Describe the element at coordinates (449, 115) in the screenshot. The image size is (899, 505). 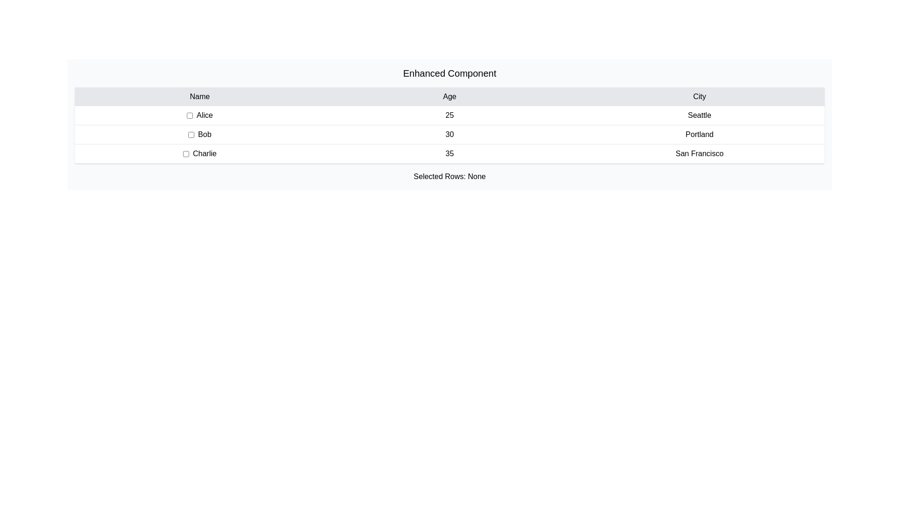
I see `text label displaying the number '25' located in the second column of the row containing 'Alice' and 'Seattle'` at that location.